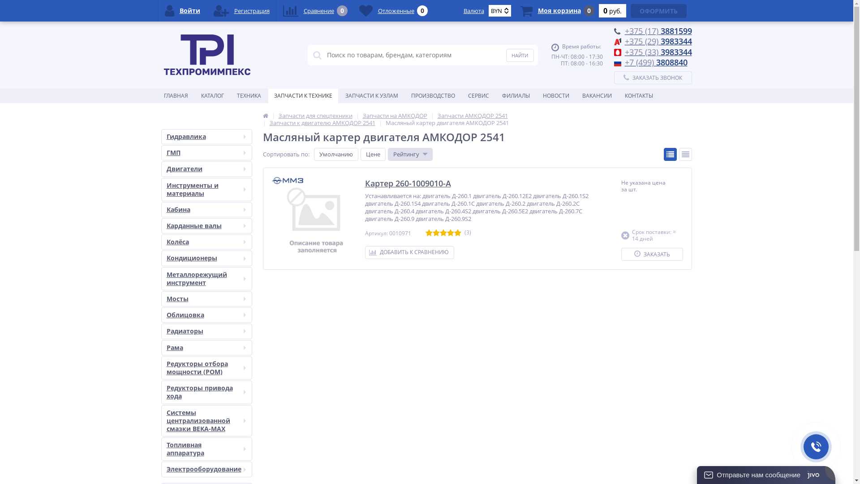 The height and width of the screenshot is (484, 860). Describe the element at coordinates (658, 41) in the screenshot. I see `'+375 (29) 3983344'` at that location.